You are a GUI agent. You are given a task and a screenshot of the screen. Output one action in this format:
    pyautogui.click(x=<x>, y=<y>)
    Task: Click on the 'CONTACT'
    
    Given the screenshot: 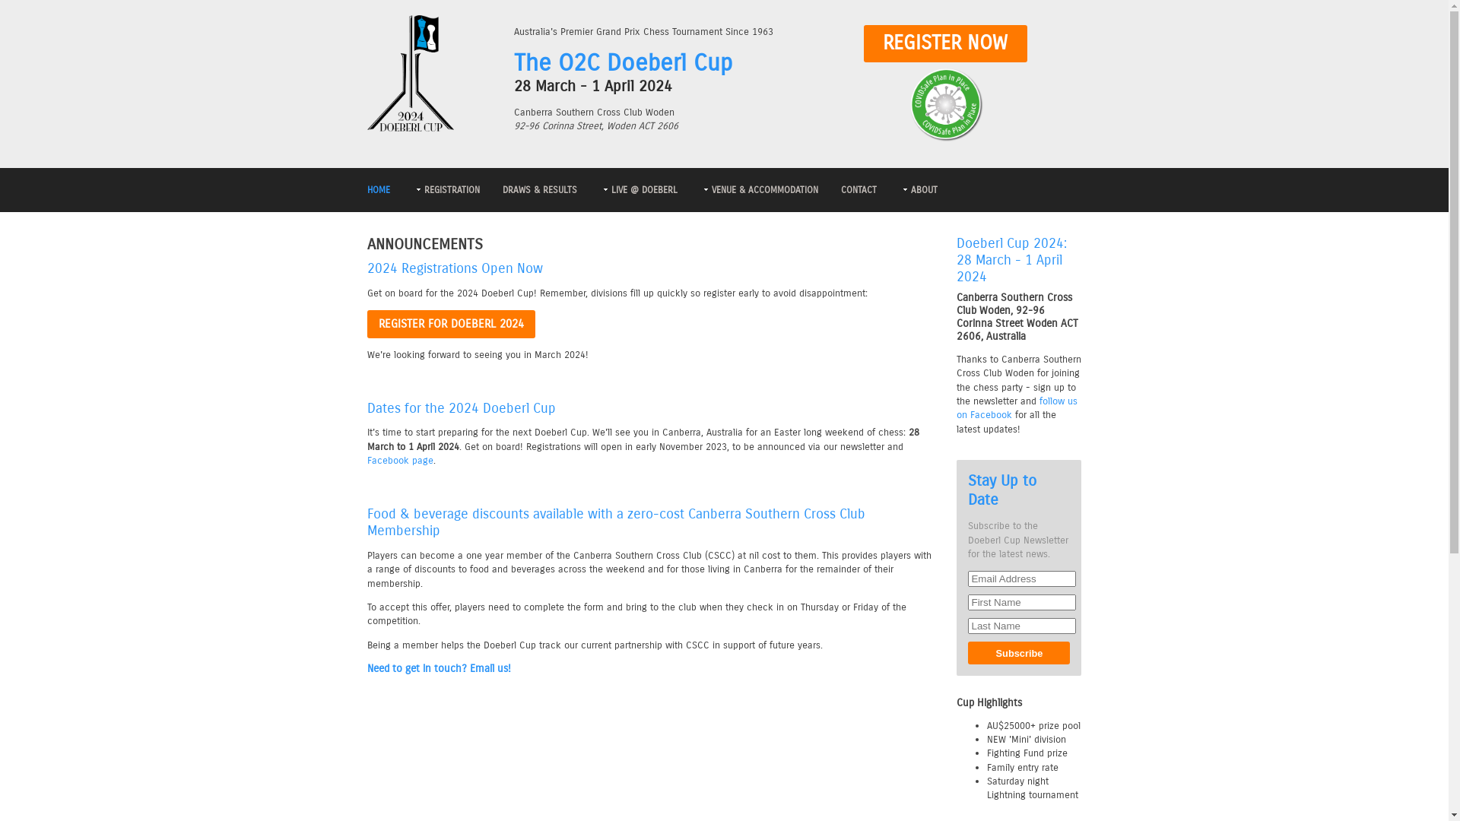 What is the action you would take?
    pyautogui.click(x=859, y=189)
    